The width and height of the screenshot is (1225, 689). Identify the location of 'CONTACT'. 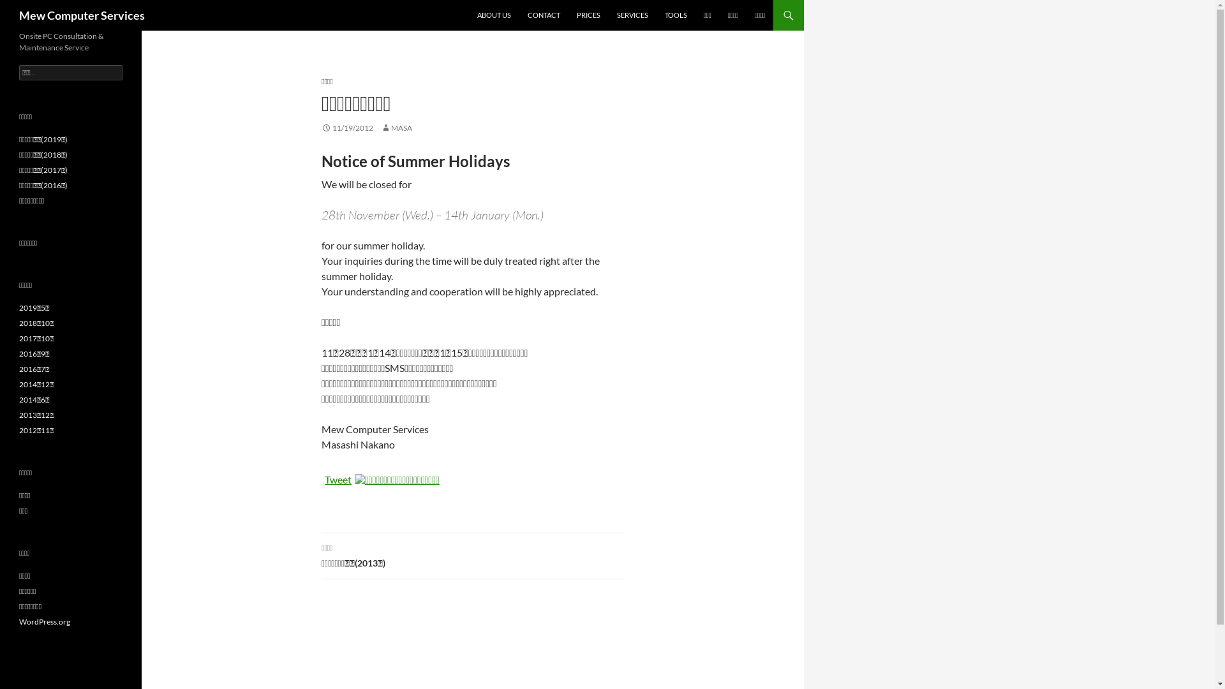
(544, 15).